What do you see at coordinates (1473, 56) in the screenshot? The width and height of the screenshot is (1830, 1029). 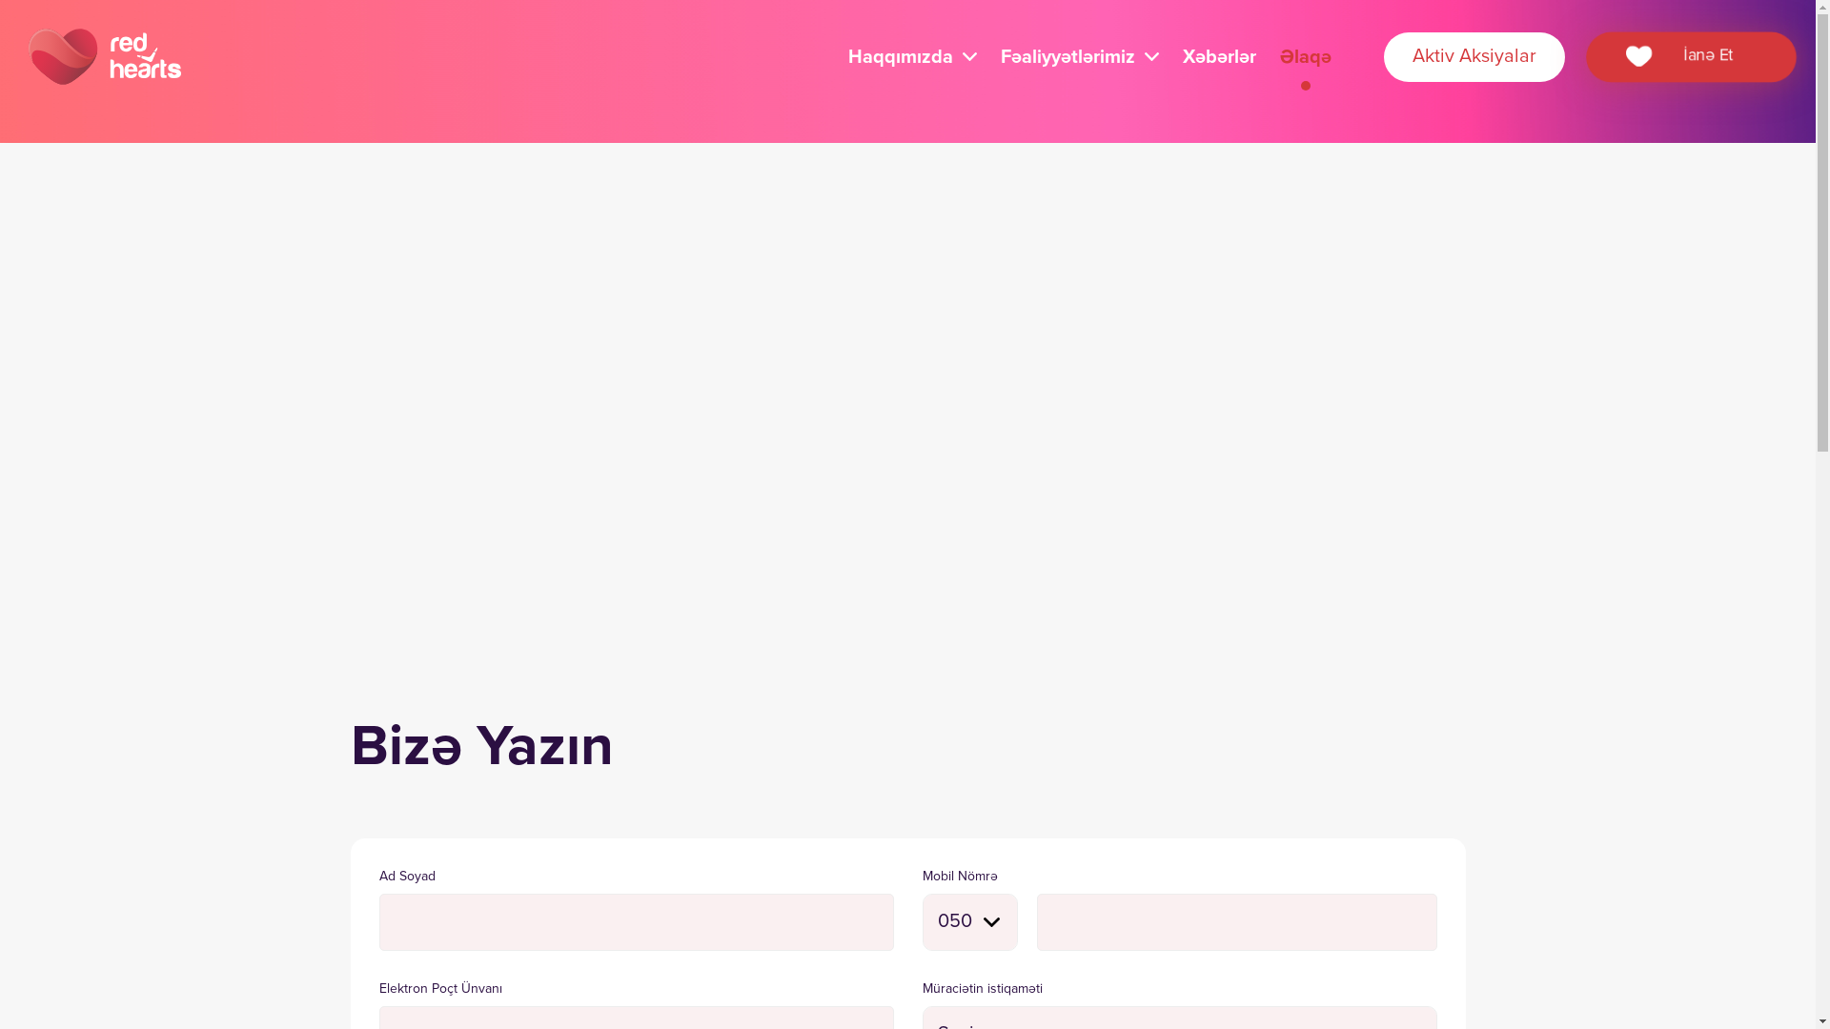 I see `'Aktiv Aksiyalar'` at bounding box center [1473, 56].